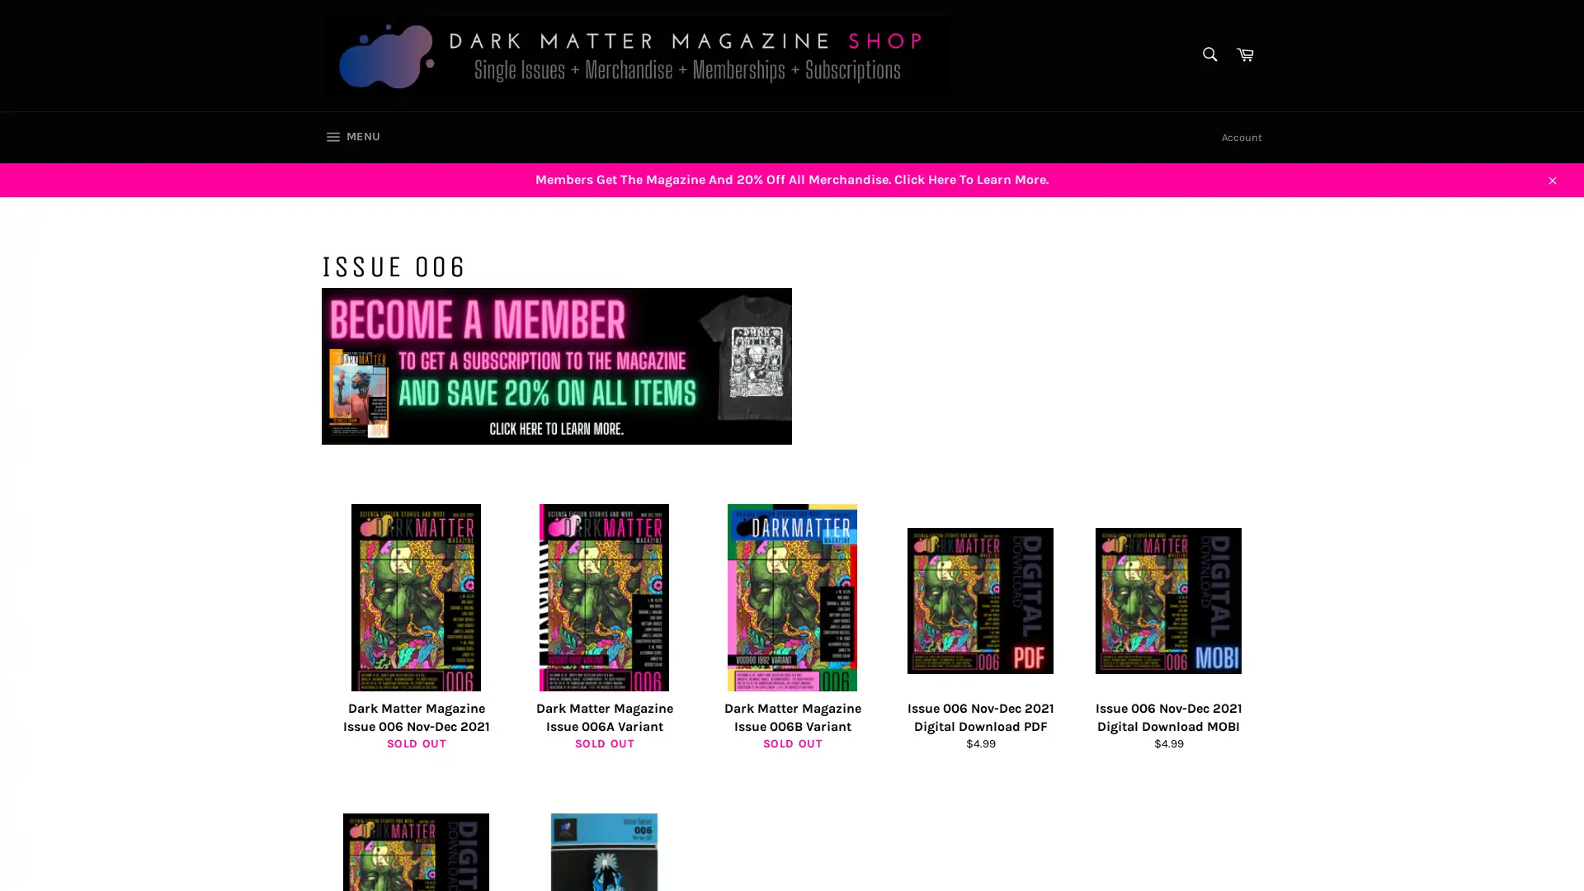 This screenshot has height=891, width=1584. Describe the element at coordinates (1208, 53) in the screenshot. I see `Search` at that location.